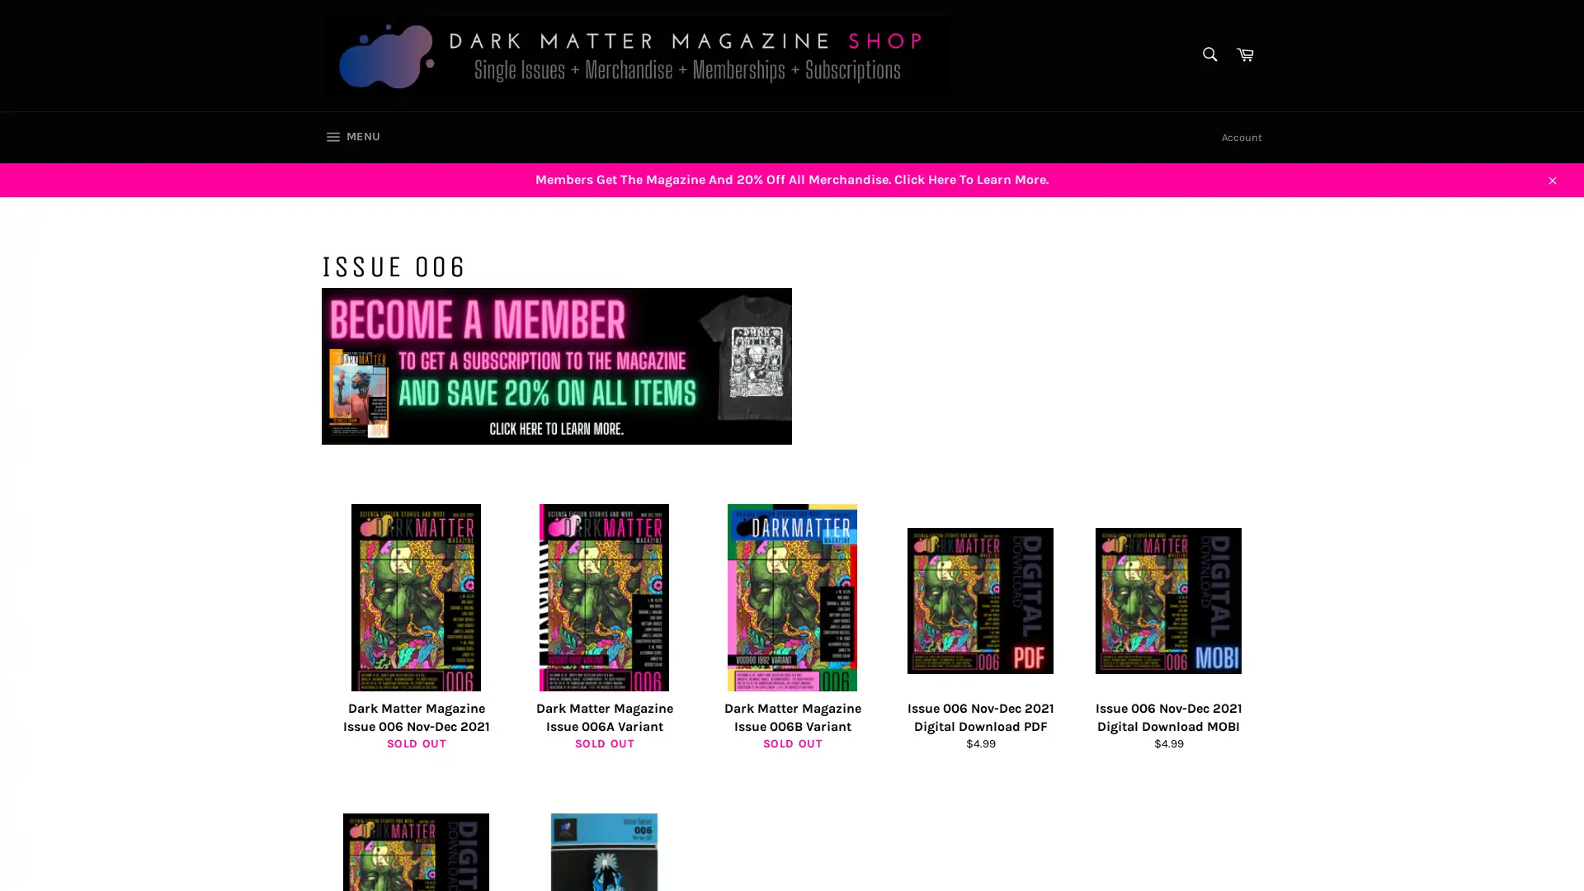 This screenshot has height=891, width=1584. Describe the element at coordinates (1208, 53) in the screenshot. I see `Search` at that location.